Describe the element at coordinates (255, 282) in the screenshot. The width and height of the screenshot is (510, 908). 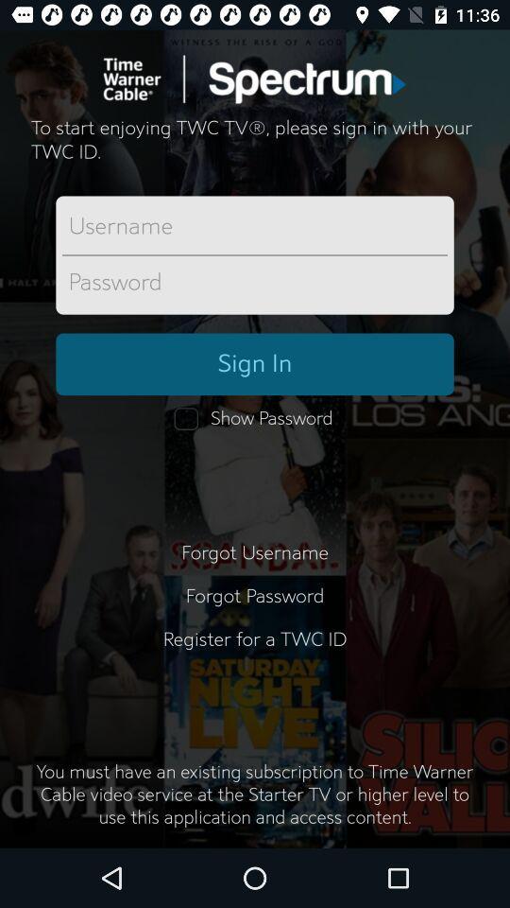
I see `password` at that location.